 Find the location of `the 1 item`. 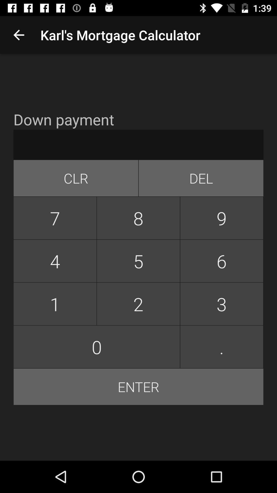

the 1 item is located at coordinates (55, 304).